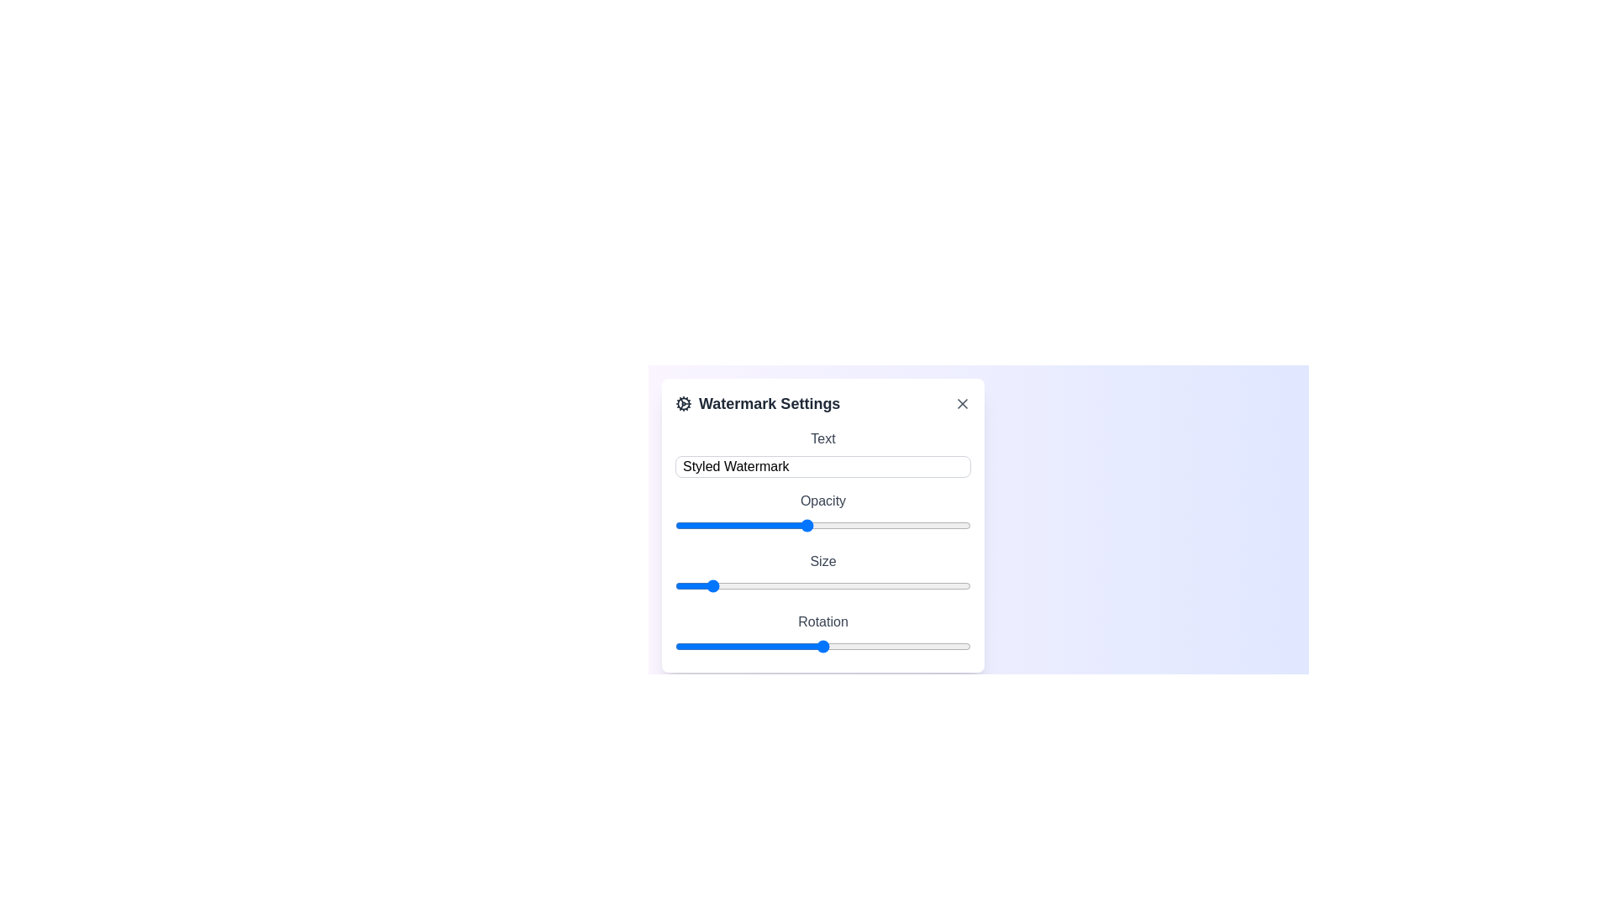  What do you see at coordinates (773, 585) in the screenshot?
I see `size` at bounding box center [773, 585].